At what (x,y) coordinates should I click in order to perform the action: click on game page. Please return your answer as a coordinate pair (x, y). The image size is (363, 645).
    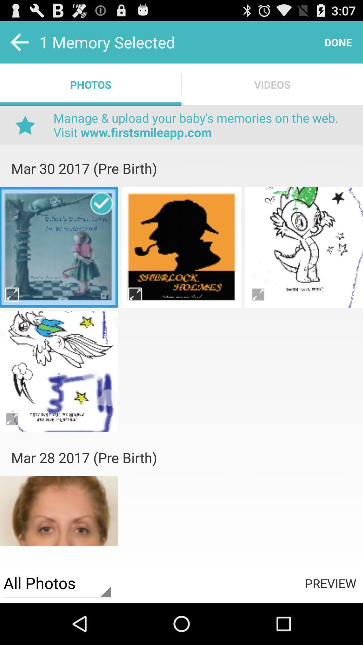
    Looking at the image, I should click on (304, 247).